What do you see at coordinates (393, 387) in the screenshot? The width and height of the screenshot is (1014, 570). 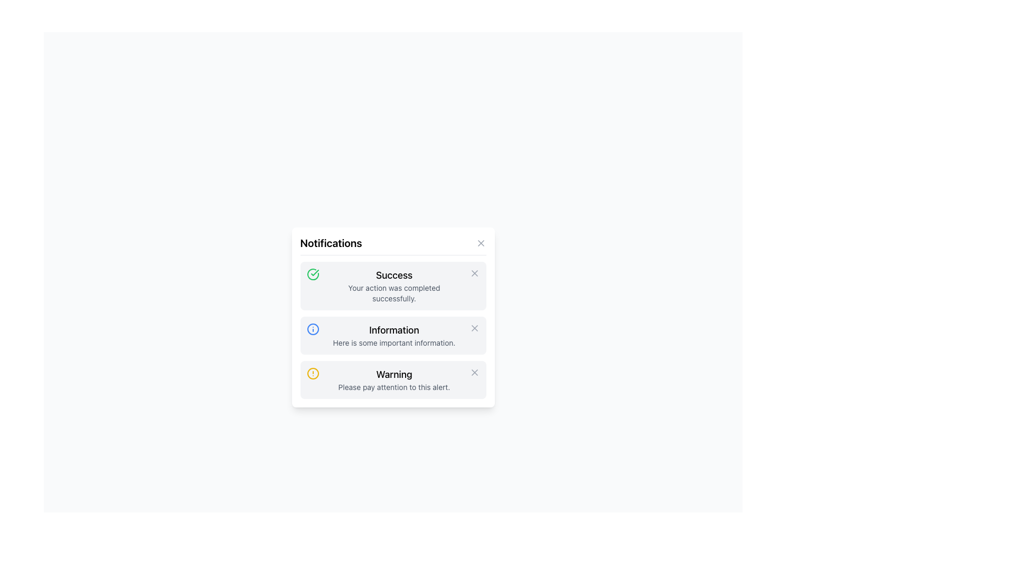 I see `the supplementary Text Label that conveys information related to the 'Warning' title, which is located in the lower portion of a notification box` at bounding box center [393, 387].